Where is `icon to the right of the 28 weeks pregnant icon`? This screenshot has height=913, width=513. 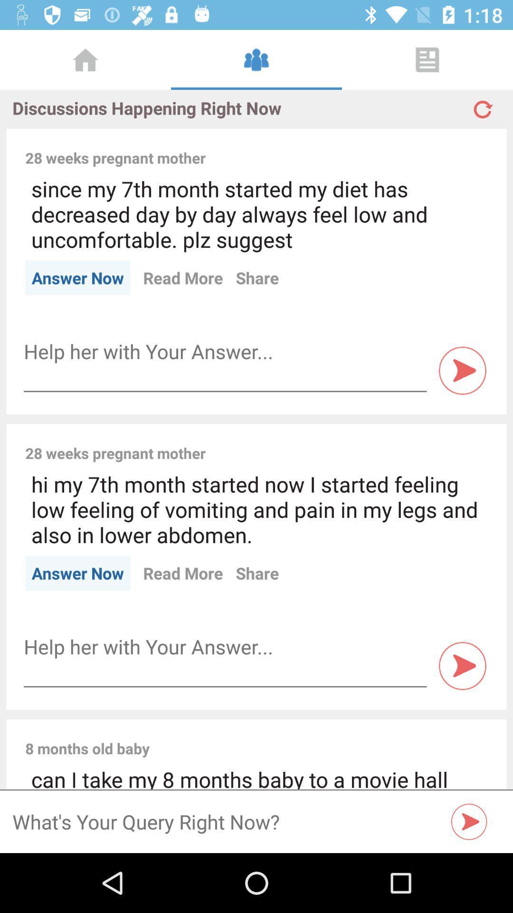 icon to the right of the 28 weeks pregnant icon is located at coordinates (353, 147).